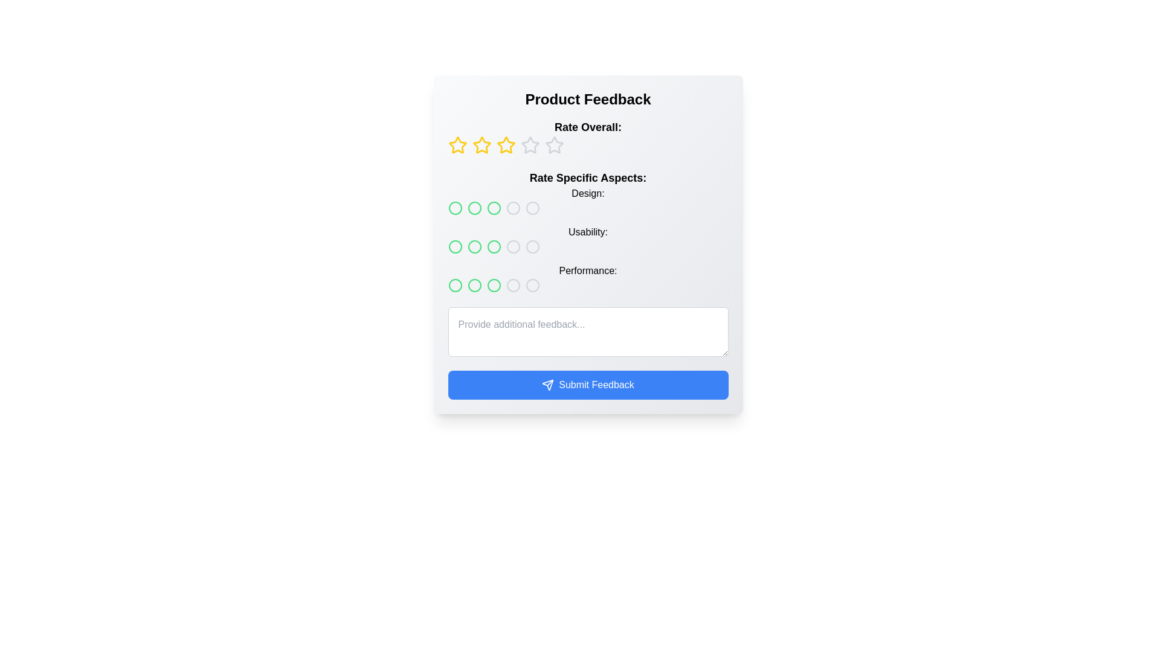 The image size is (1160, 652). What do you see at coordinates (474, 246) in the screenshot?
I see `the second circular radio button with a green border under the 'Usability' category in the 'Rate Specific Aspects' section` at bounding box center [474, 246].